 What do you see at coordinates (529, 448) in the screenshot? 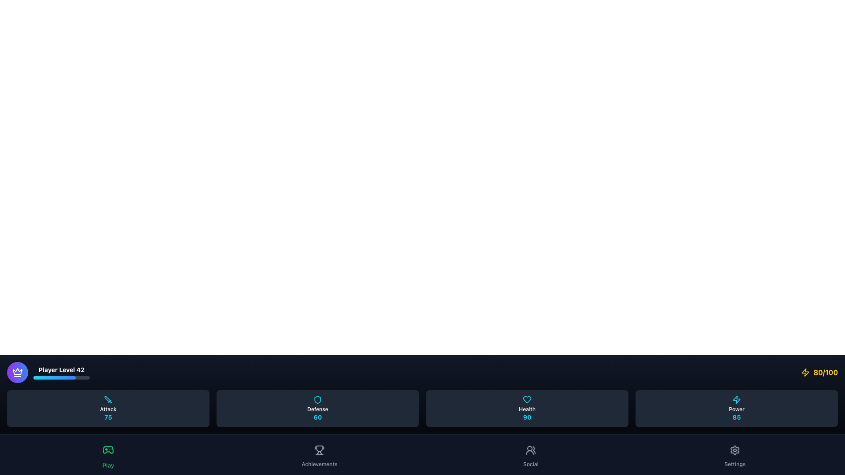
I see `the circular graphical element within the SVG structure that contributes to the user profile icon` at bounding box center [529, 448].